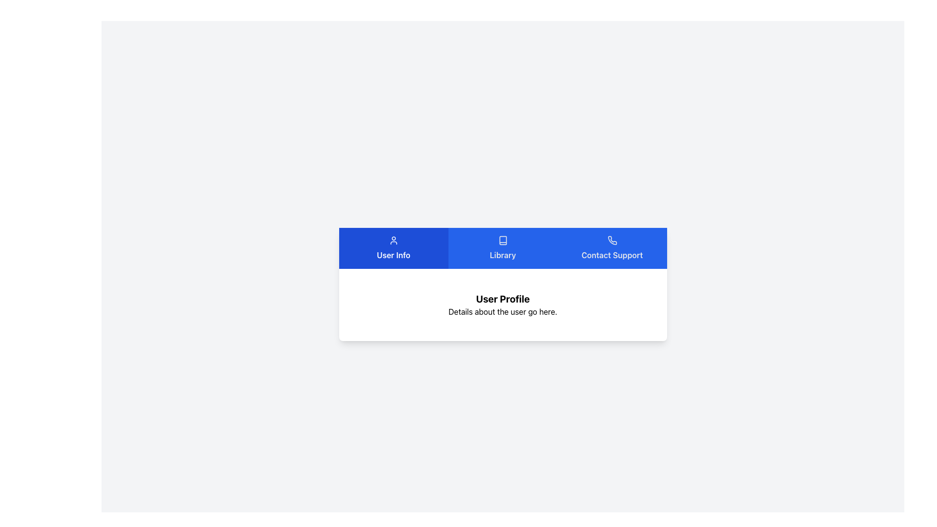 The width and height of the screenshot is (937, 527). What do you see at coordinates (611, 241) in the screenshot?
I see `the 'Contact Support' icon located at the top section of the interface, which precedes the 'Contact Support' label in the navigation row` at bounding box center [611, 241].